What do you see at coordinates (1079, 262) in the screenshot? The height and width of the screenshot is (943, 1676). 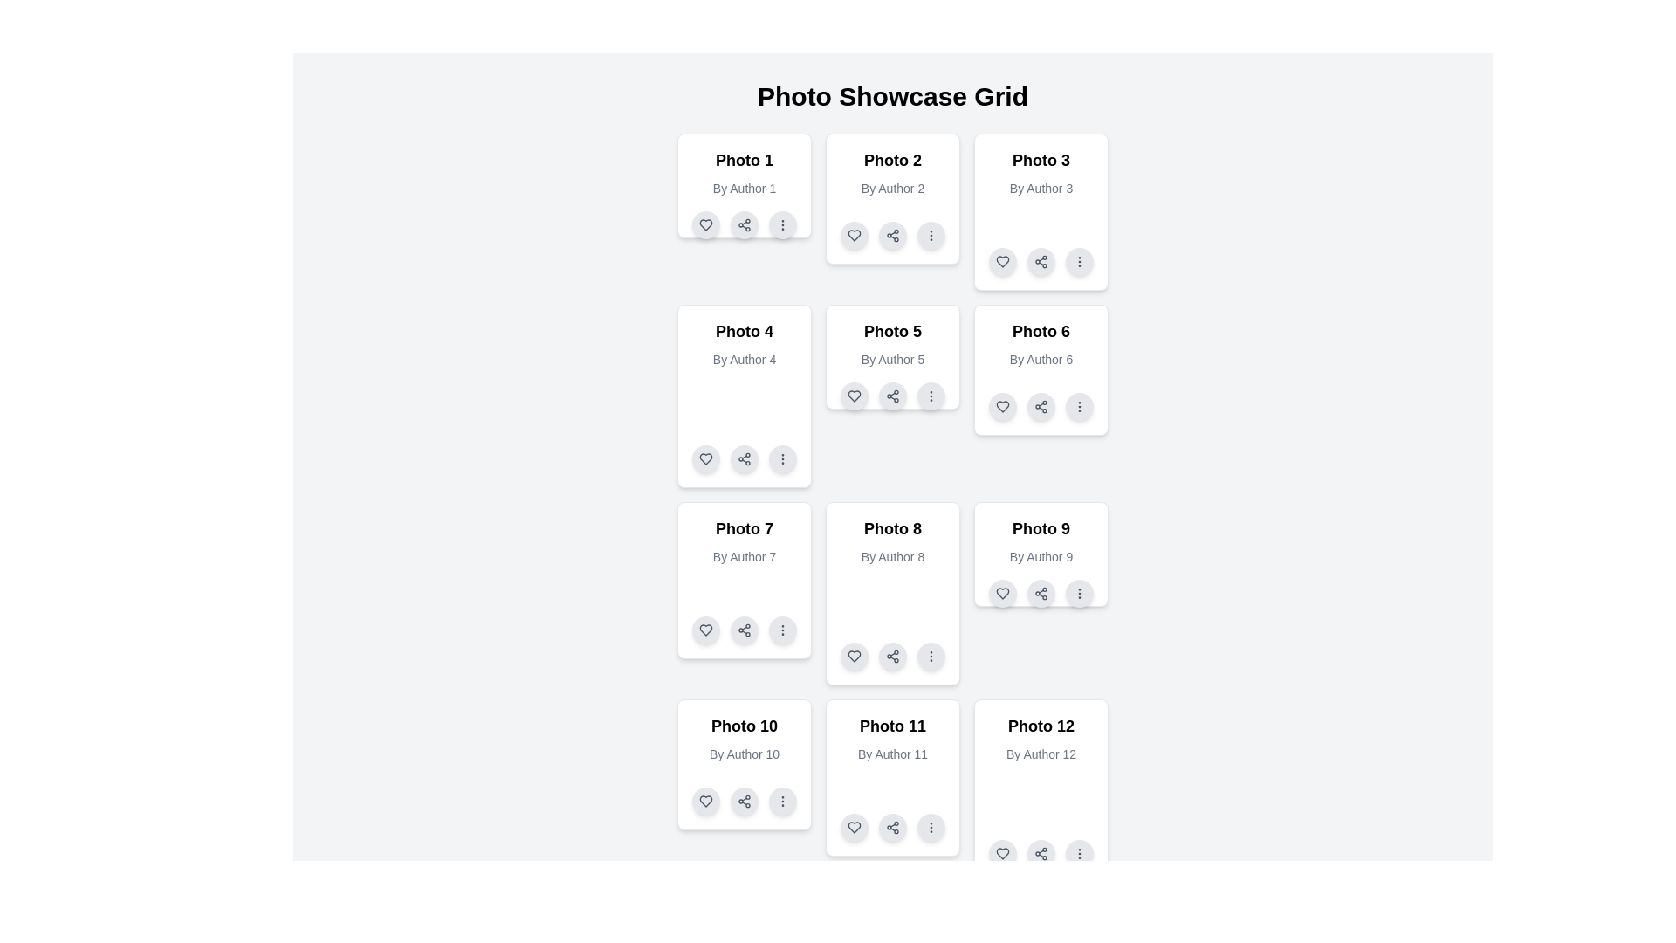 I see `the 'ellipsis vertical' icon located in the upper-right corner of the 'Photo 3' card` at bounding box center [1079, 262].